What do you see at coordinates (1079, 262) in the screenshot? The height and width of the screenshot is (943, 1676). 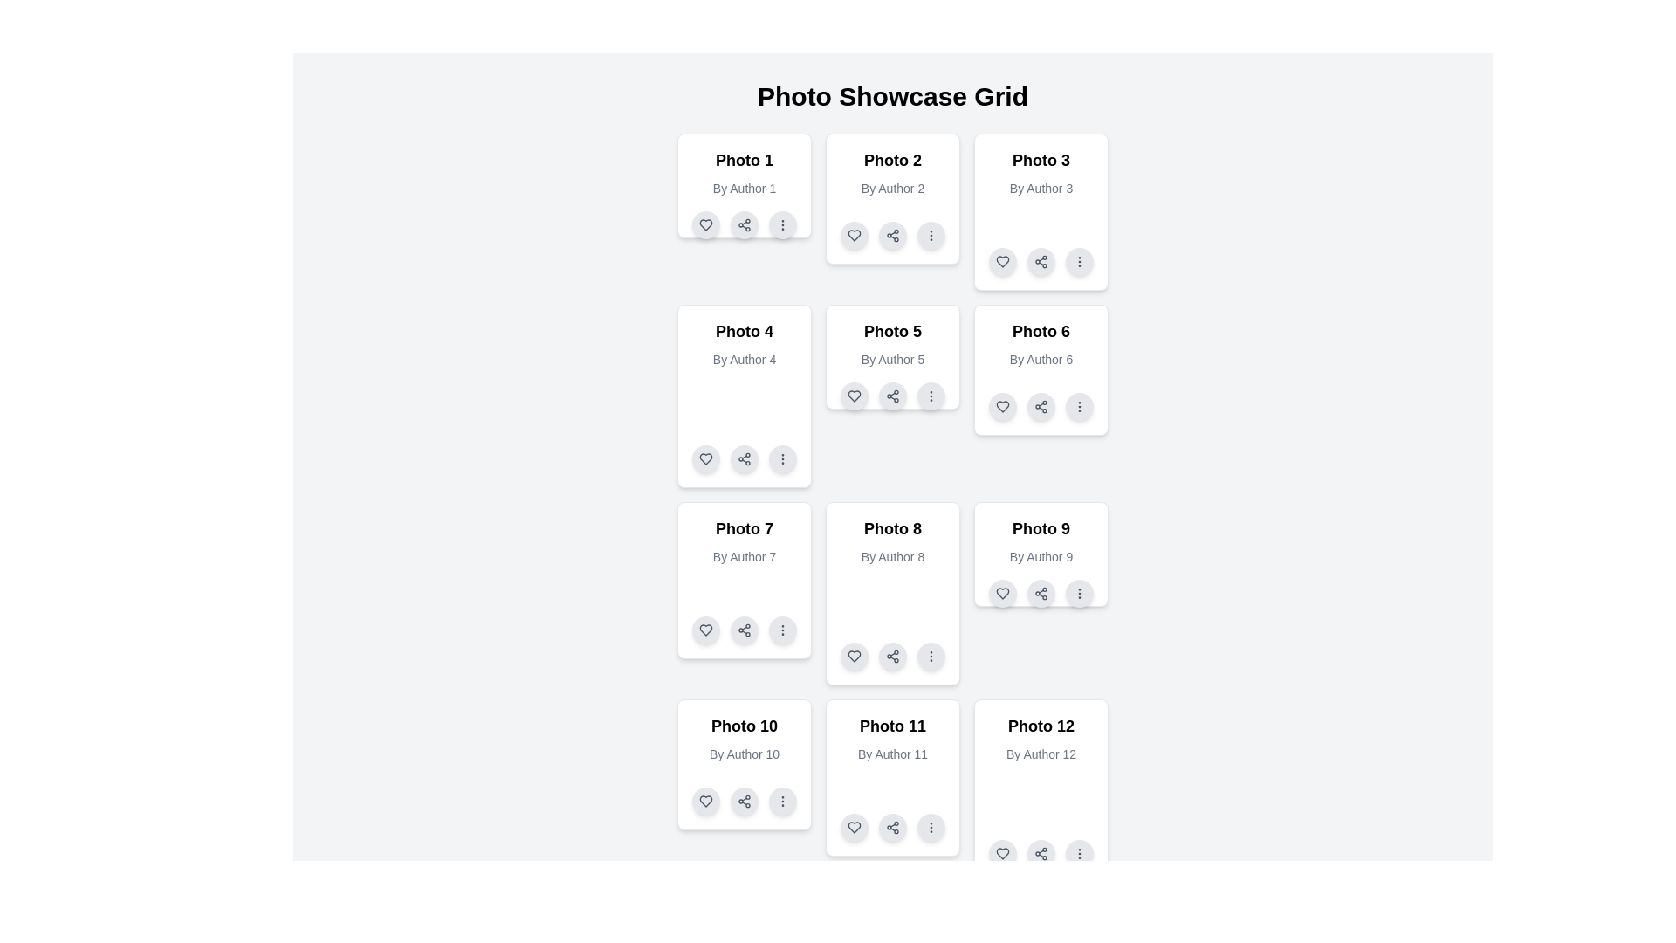 I see `the 'ellipsis vertical' icon located in the upper-right corner of the 'Photo 3' card` at bounding box center [1079, 262].